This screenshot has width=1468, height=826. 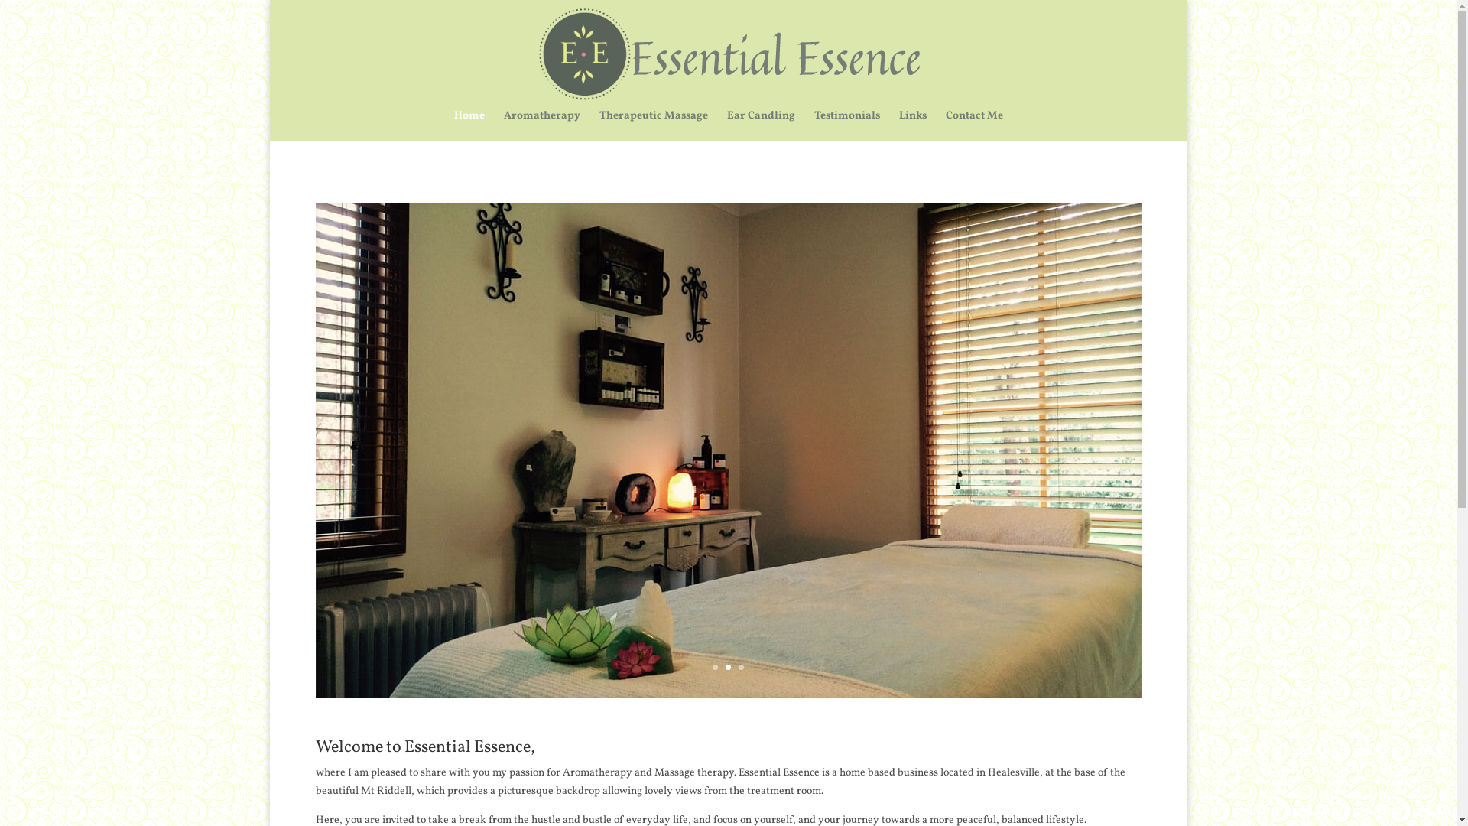 What do you see at coordinates (714, 666) in the screenshot?
I see `'1'` at bounding box center [714, 666].